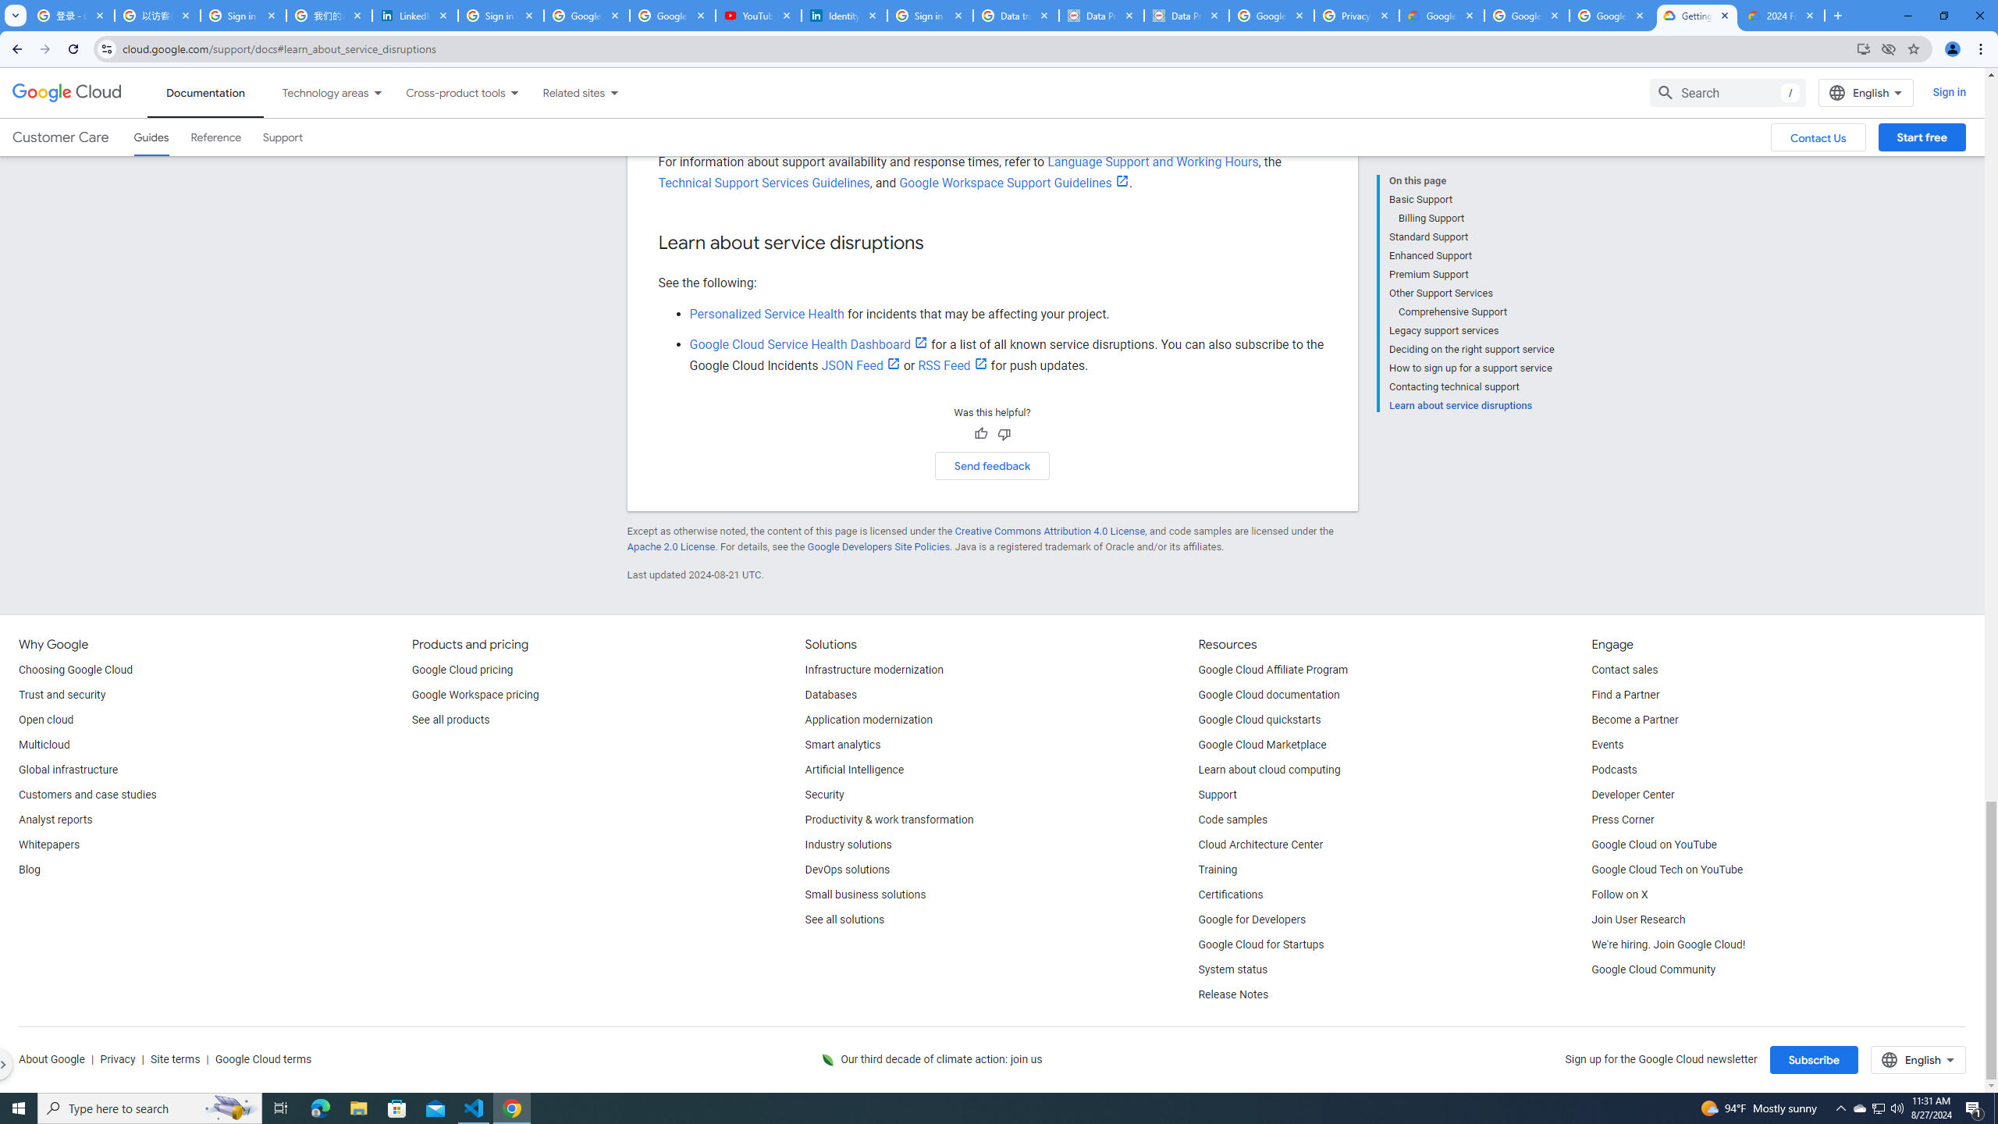  Describe the element at coordinates (51, 1059) in the screenshot. I see `'About Google'` at that location.